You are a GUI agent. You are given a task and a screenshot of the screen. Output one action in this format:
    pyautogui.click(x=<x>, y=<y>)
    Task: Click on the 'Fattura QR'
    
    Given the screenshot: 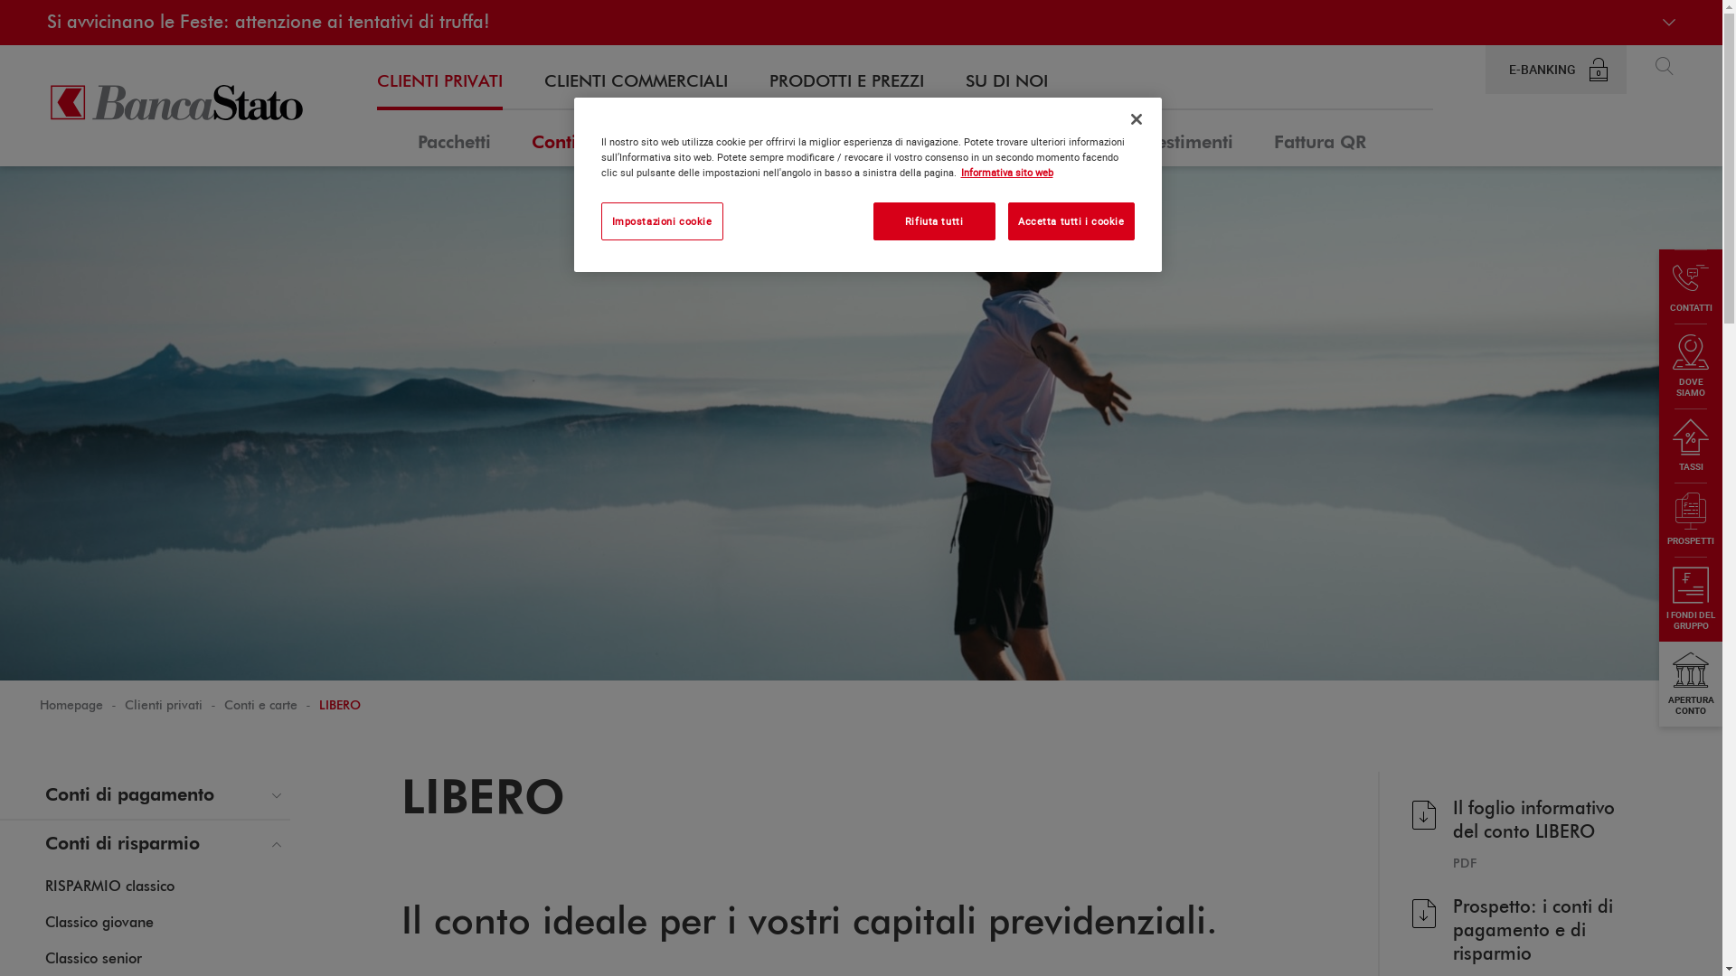 What is the action you would take?
    pyautogui.click(x=1319, y=137)
    